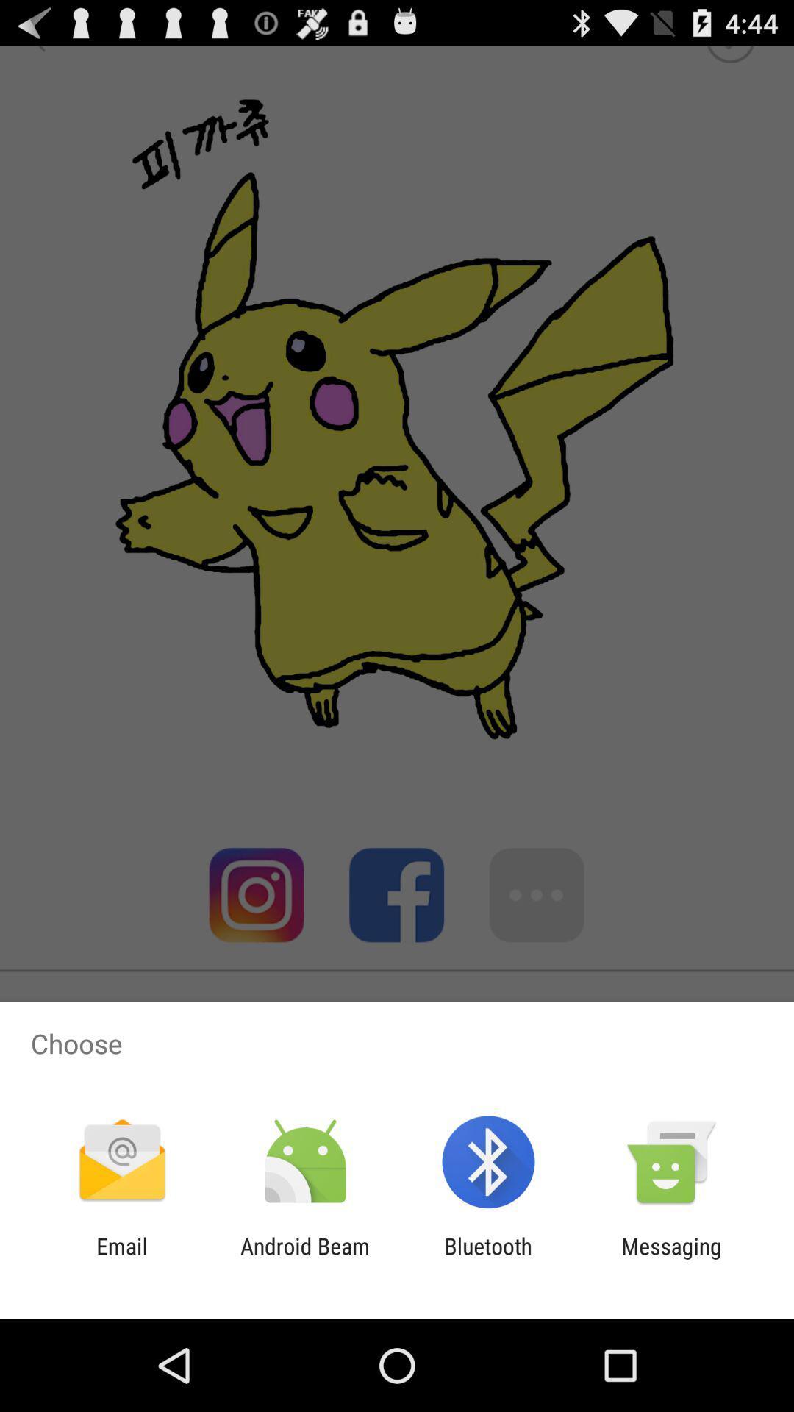 The image size is (794, 1412). I want to click on android beam app, so click(304, 1258).